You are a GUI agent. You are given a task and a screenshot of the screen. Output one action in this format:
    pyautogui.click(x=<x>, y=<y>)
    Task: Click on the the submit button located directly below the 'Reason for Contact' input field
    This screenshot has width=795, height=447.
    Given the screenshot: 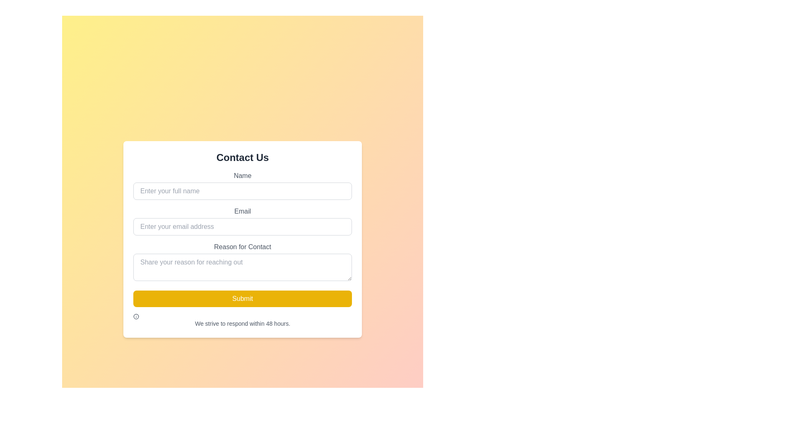 What is the action you would take?
    pyautogui.click(x=242, y=298)
    